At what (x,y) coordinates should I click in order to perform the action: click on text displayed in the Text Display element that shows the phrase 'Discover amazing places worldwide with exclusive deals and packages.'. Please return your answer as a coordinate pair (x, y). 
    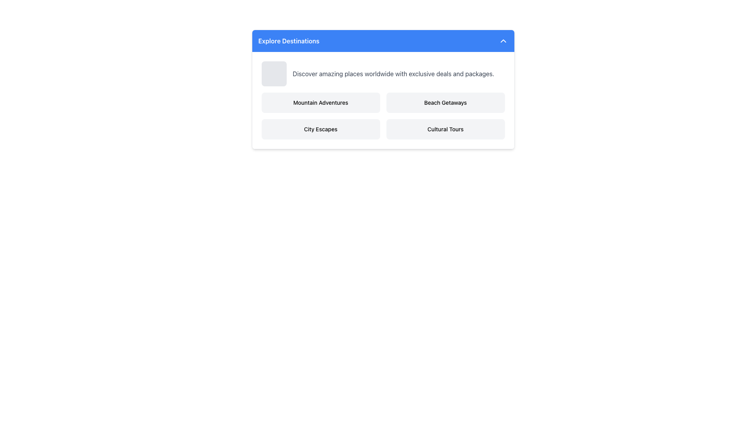
    Looking at the image, I should click on (393, 74).